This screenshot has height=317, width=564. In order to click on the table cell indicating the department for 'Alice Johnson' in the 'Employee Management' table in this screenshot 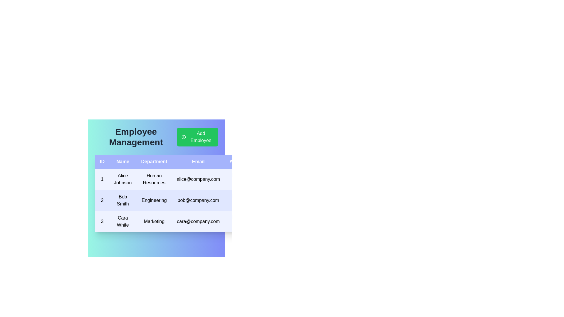, I will do `click(154, 179)`.